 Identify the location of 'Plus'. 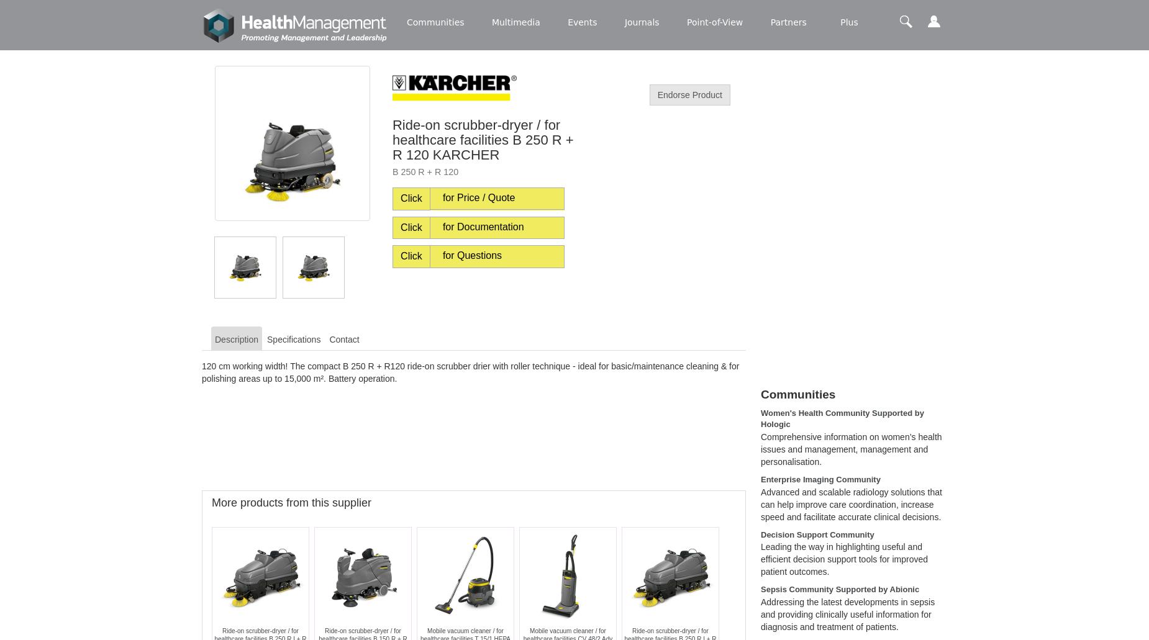
(840, 22).